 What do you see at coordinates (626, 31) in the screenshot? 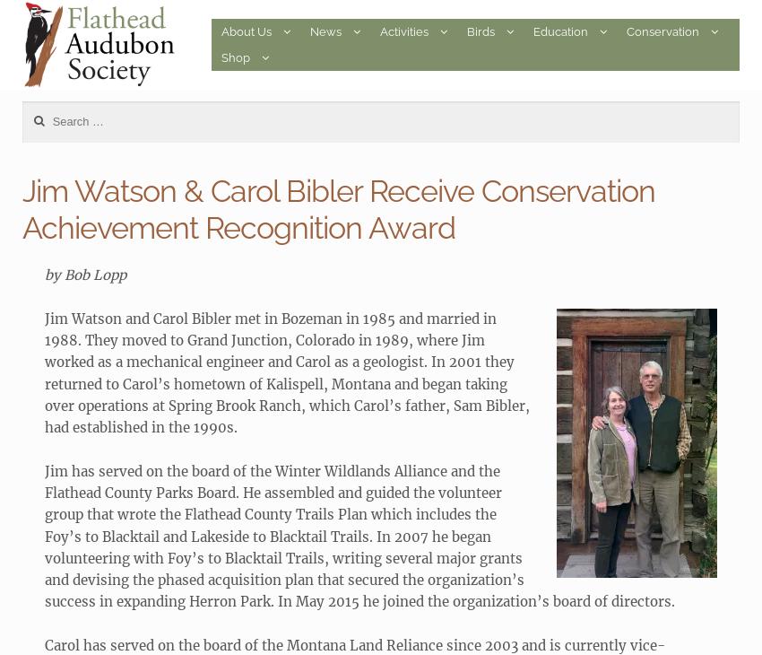
I see `'Conservation'` at bounding box center [626, 31].